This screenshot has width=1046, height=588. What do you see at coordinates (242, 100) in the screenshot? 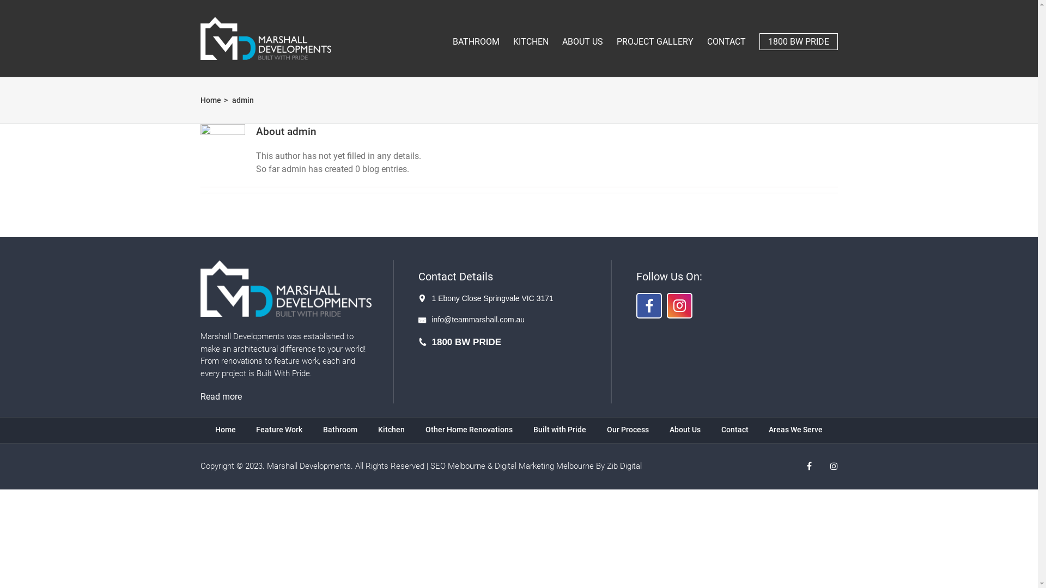
I see `'admin'` at bounding box center [242, 100].